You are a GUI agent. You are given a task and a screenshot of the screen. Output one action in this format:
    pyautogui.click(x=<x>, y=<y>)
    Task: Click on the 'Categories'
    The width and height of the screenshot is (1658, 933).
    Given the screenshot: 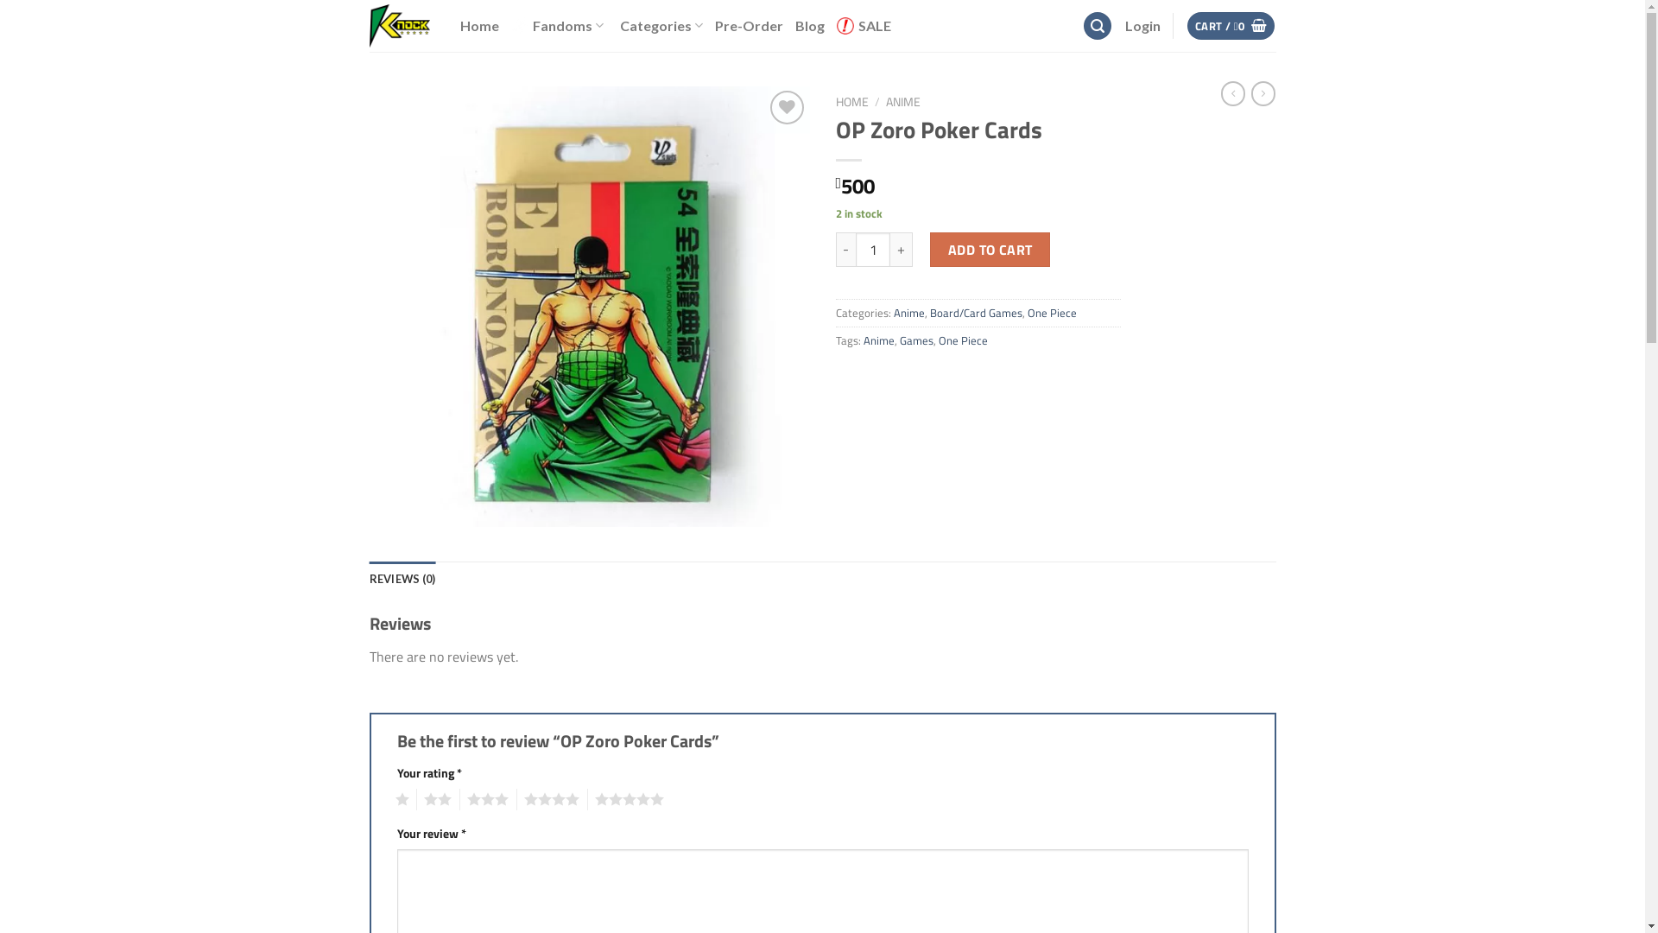 What is the action you would take?
    pyautogui.click(x=620, y=25)
    